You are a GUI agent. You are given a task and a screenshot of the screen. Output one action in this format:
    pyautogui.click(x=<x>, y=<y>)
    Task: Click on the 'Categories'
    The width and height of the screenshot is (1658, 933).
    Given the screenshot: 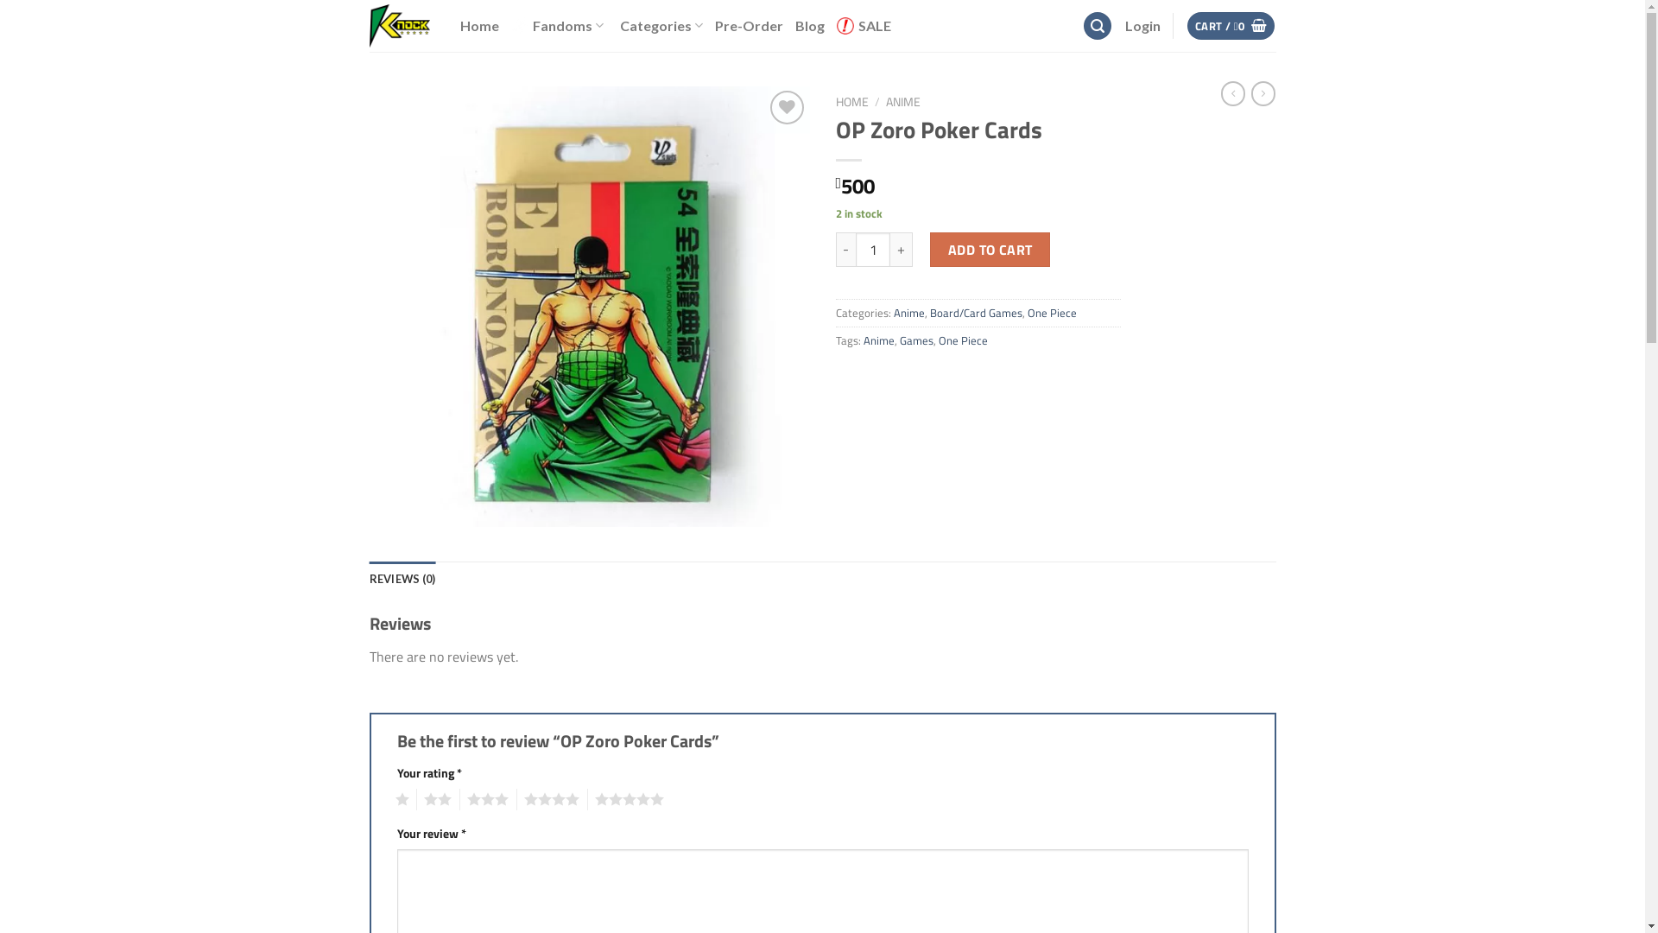 What is the action you would take?
    pyautogui.click(x=620, y=25)
    